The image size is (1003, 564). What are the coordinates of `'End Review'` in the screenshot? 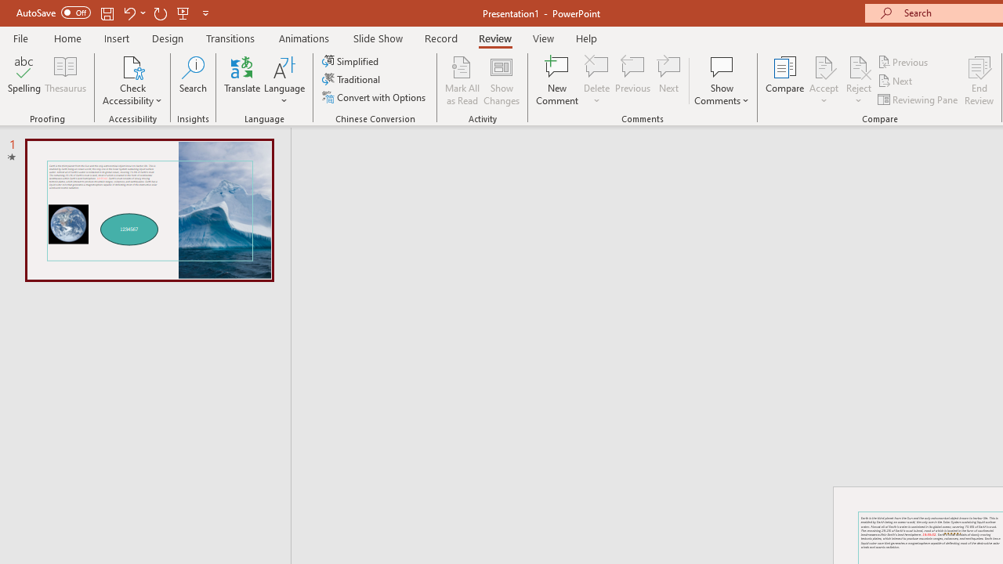 It's located at (978, 81).